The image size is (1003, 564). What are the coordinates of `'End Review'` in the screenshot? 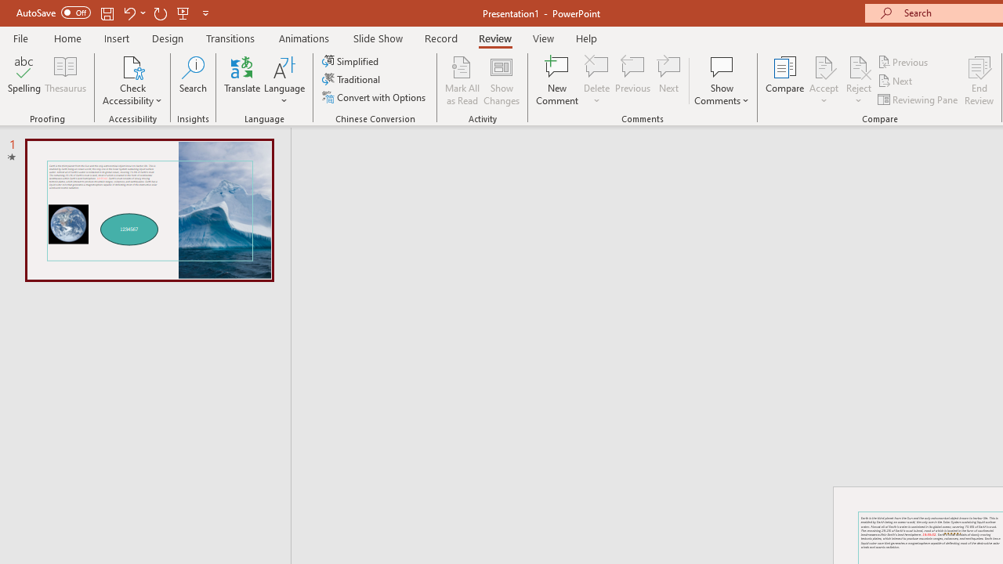 It's located at (978, 81).